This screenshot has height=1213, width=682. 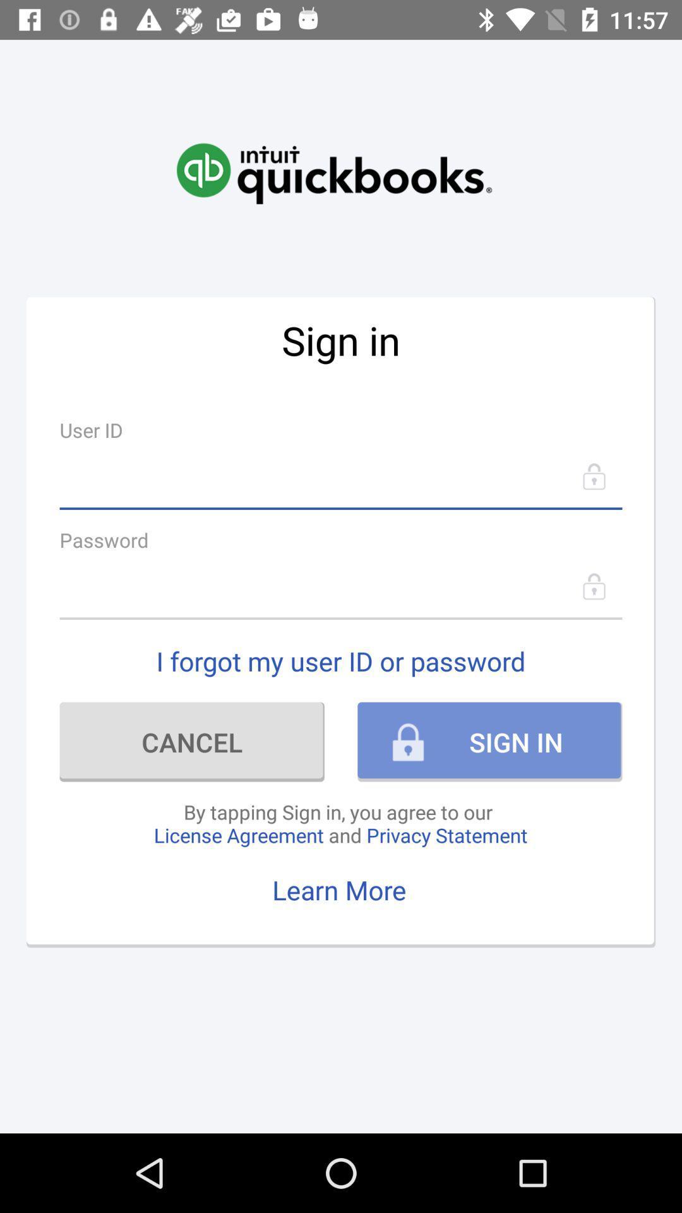 What do you see at coordinates (341, 586) in the screenshot?
I see `password` at bounding box center [341, 586].